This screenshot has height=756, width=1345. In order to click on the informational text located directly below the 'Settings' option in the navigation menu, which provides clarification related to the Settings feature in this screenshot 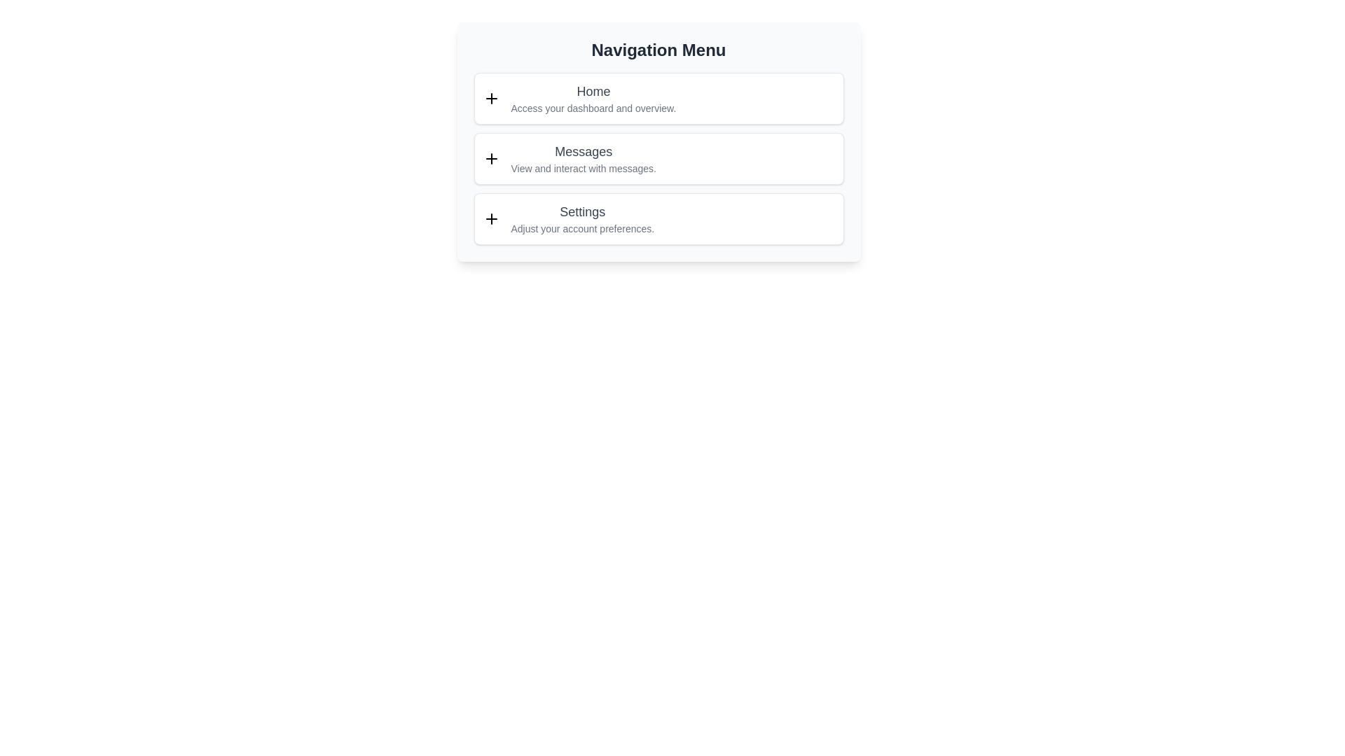, I will do `click(582, 228)`.